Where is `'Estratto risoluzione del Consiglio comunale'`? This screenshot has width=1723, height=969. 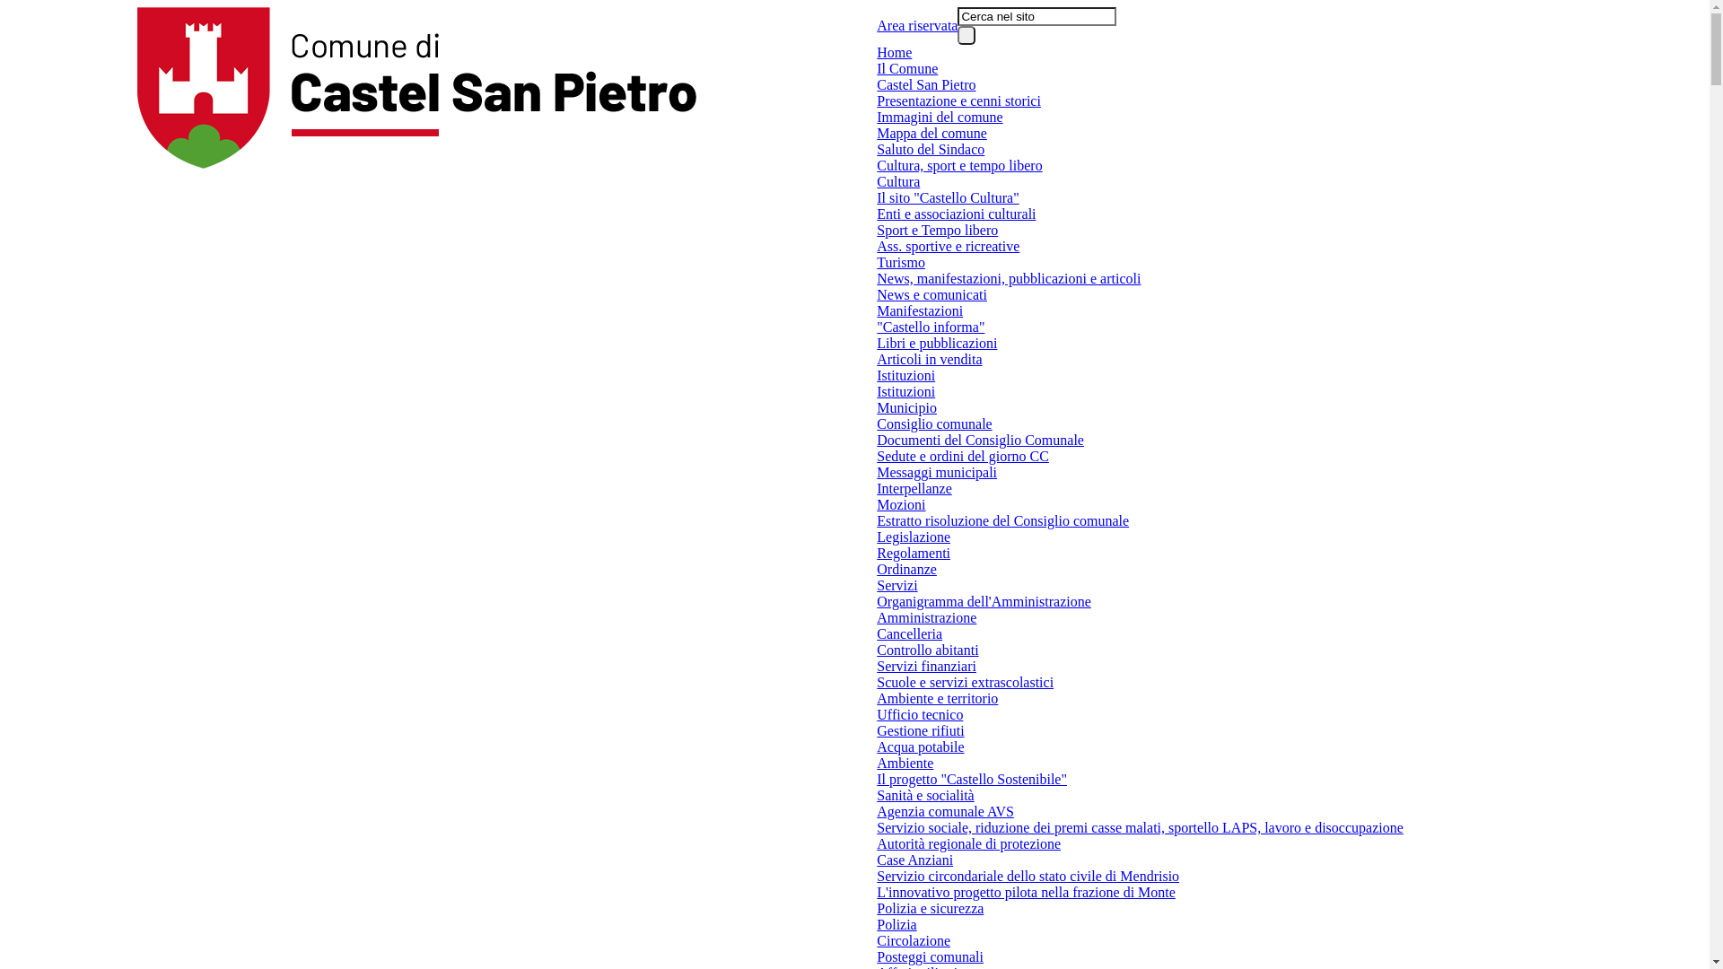 'Estratto risoluzione del Consiglio comunale' is located at coordinates (1001, 521).